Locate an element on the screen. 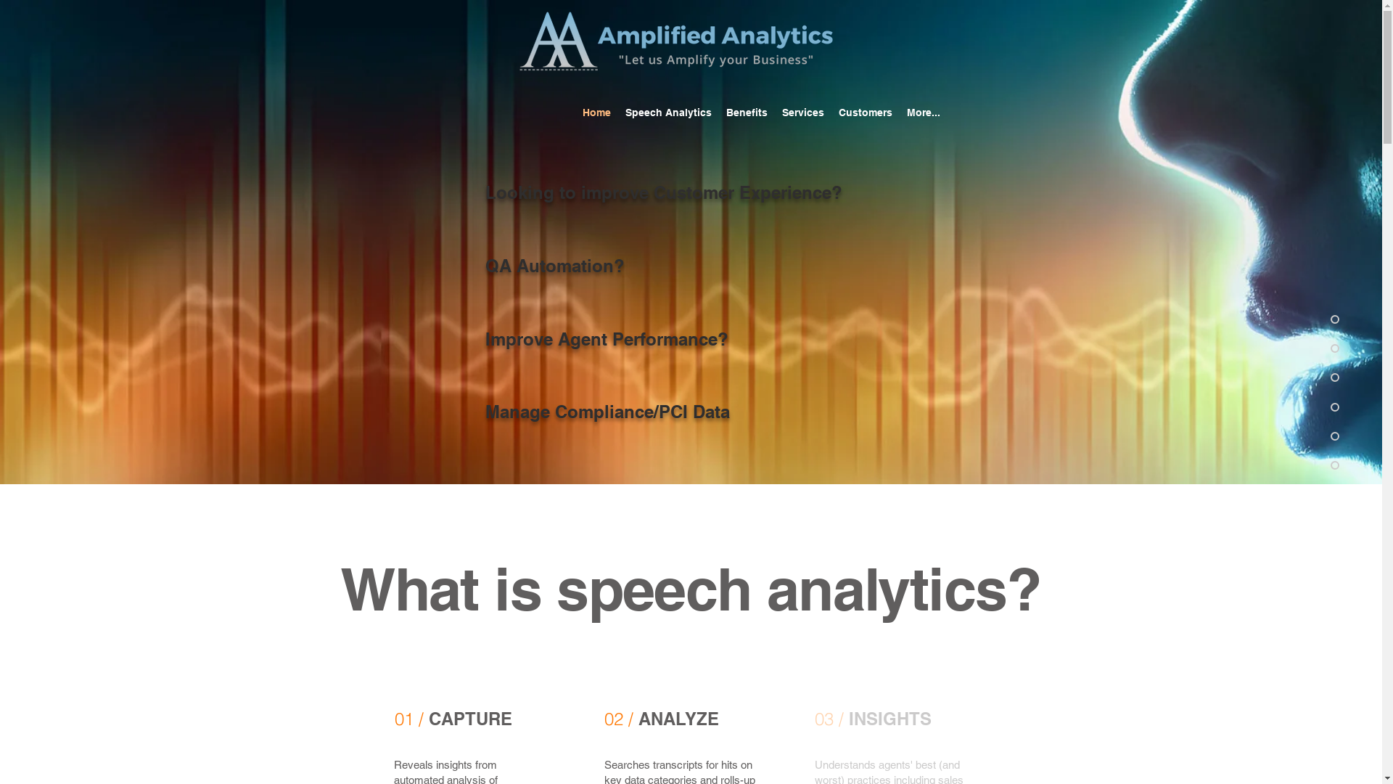 The height and width of the screenshot is (784, 1393). 'Home' is located at coordinates (596, 111).